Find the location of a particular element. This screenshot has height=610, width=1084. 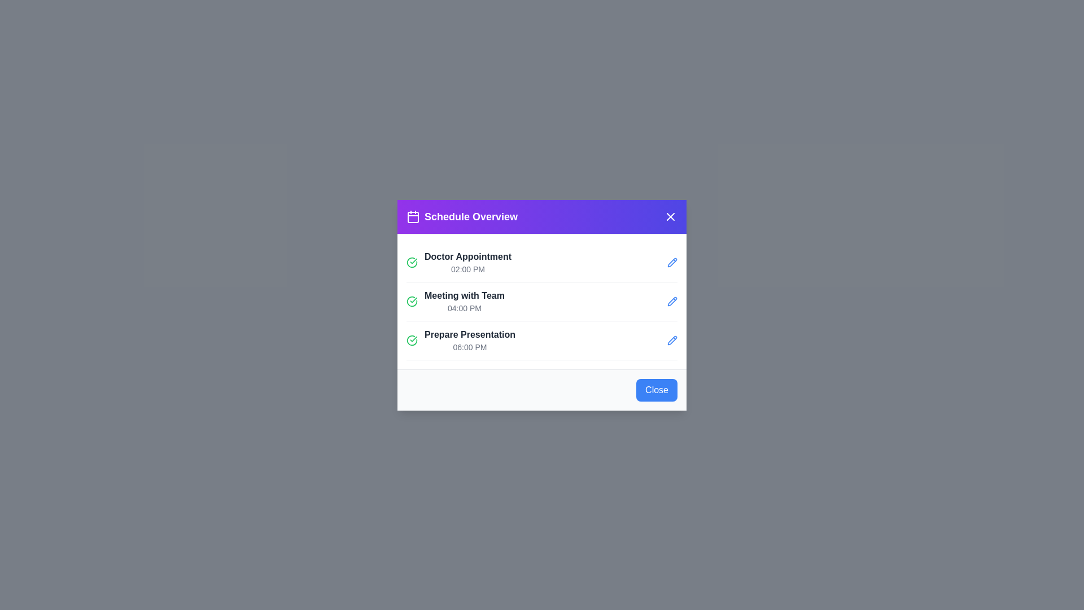

to select or interact with the 'Meeting with Team' schedule entry, which features a green circular checkmark icon and two lines of text, bold black for the title and gray for the time is located at coordinates (455, 300).